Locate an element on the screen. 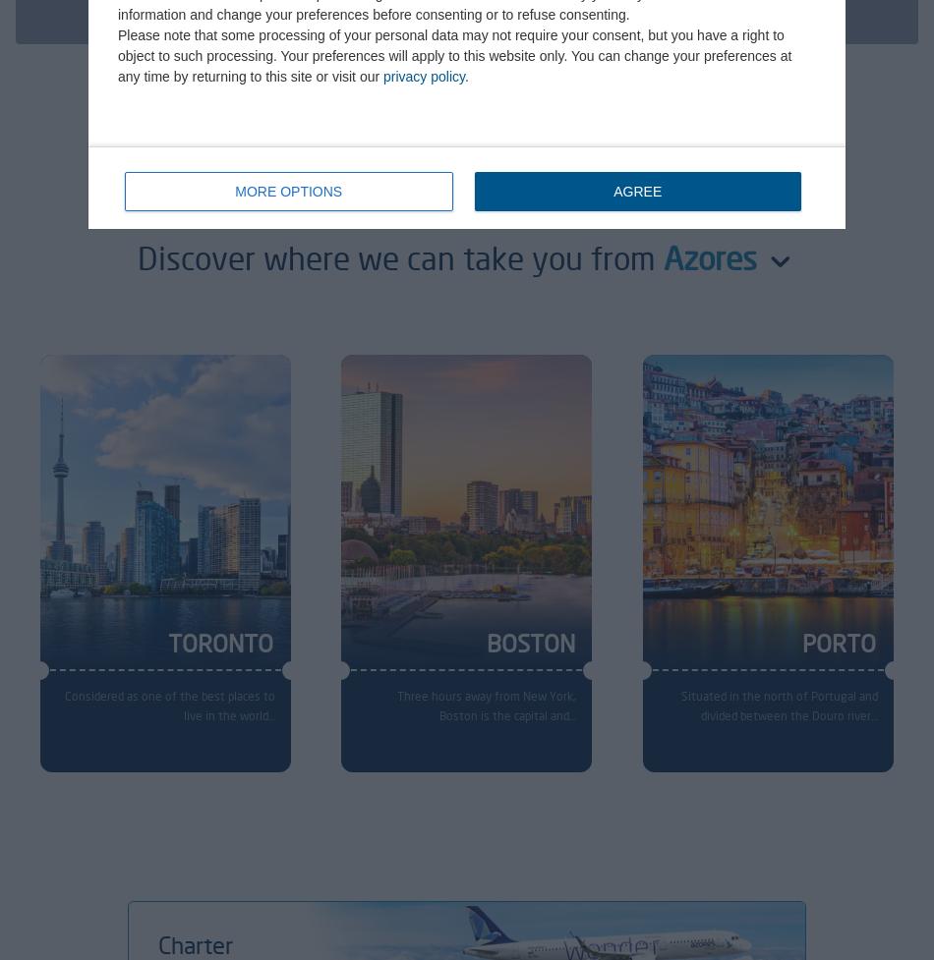 This screenshot has width=934, height=960. 'Situated in the north of Portugal and divided between the Douro river…' is located at coordinates (778, 705).